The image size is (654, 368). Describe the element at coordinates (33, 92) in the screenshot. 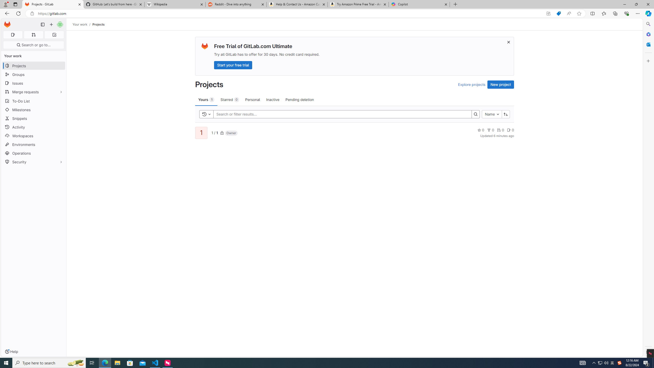

I see `'Merge requests'` at that location.